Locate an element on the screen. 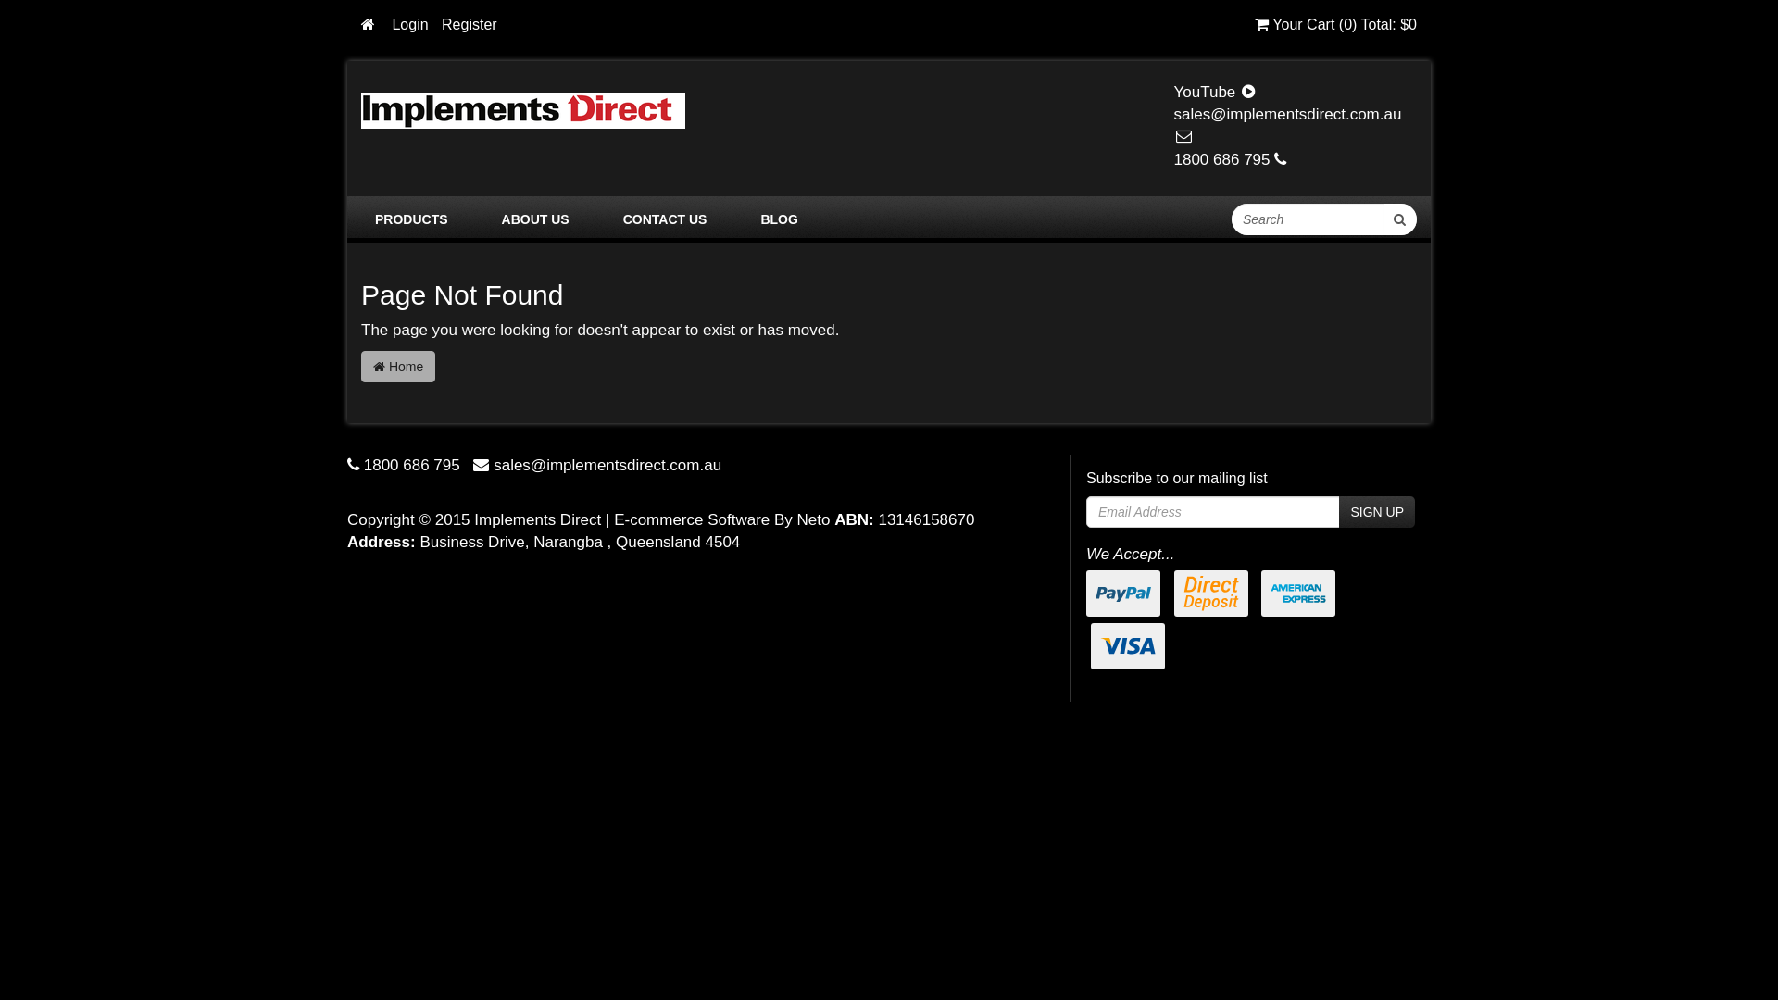 The image size is (1778, 1000). 'E-commerce Software' is located at coordinates (691, 519).